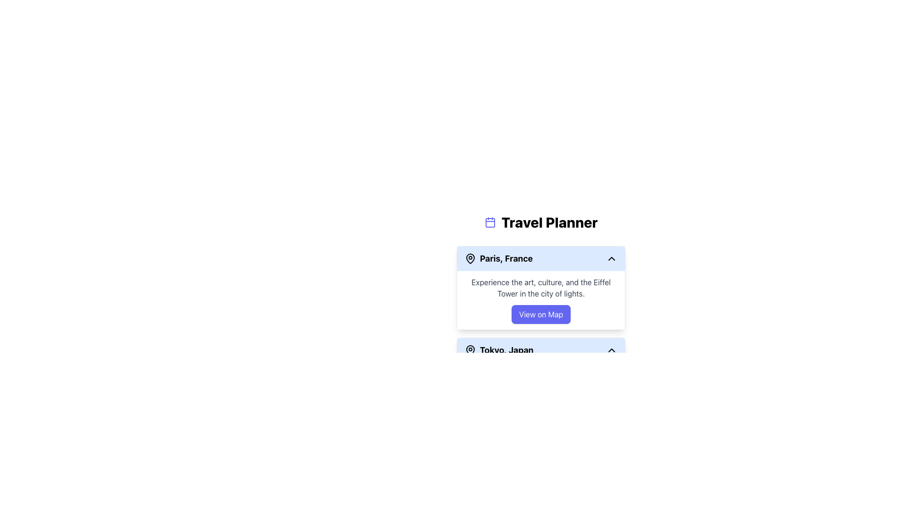 This screenshot has height=510, width=907. I want to click on the clickable label with the text 'Paris, France' and a location pin icon, located in the travel selection section at the top of the list of travel destinations, so click(498, 258).